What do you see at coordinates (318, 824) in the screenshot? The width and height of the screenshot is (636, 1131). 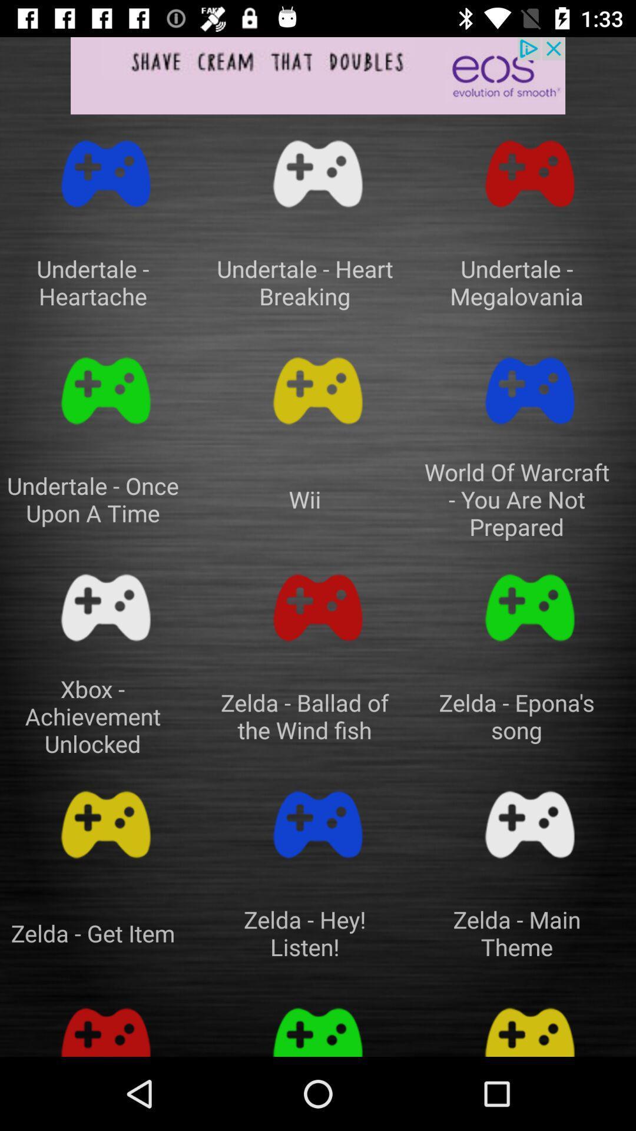 I see `game` at bounding box center [318, 824].